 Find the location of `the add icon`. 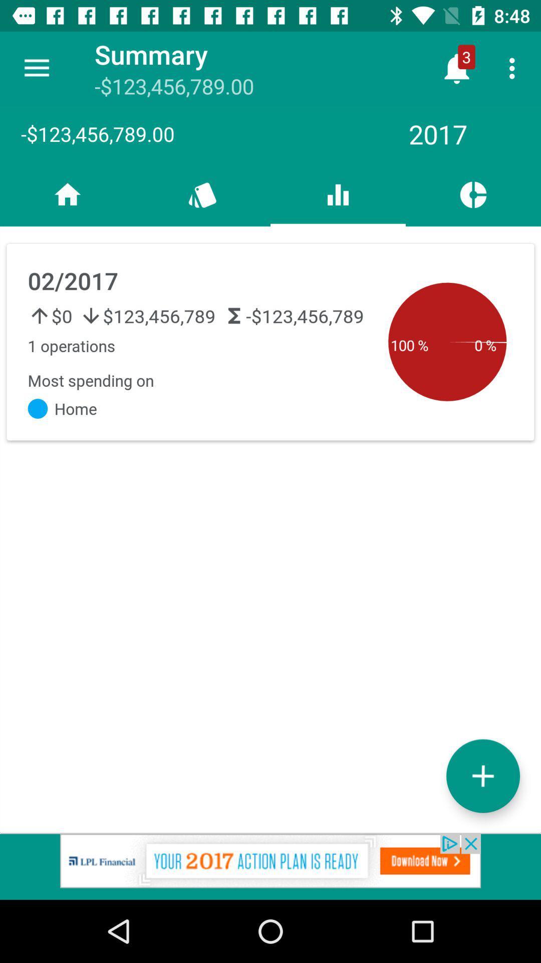

the add icon is located at coordinates (482, 775).